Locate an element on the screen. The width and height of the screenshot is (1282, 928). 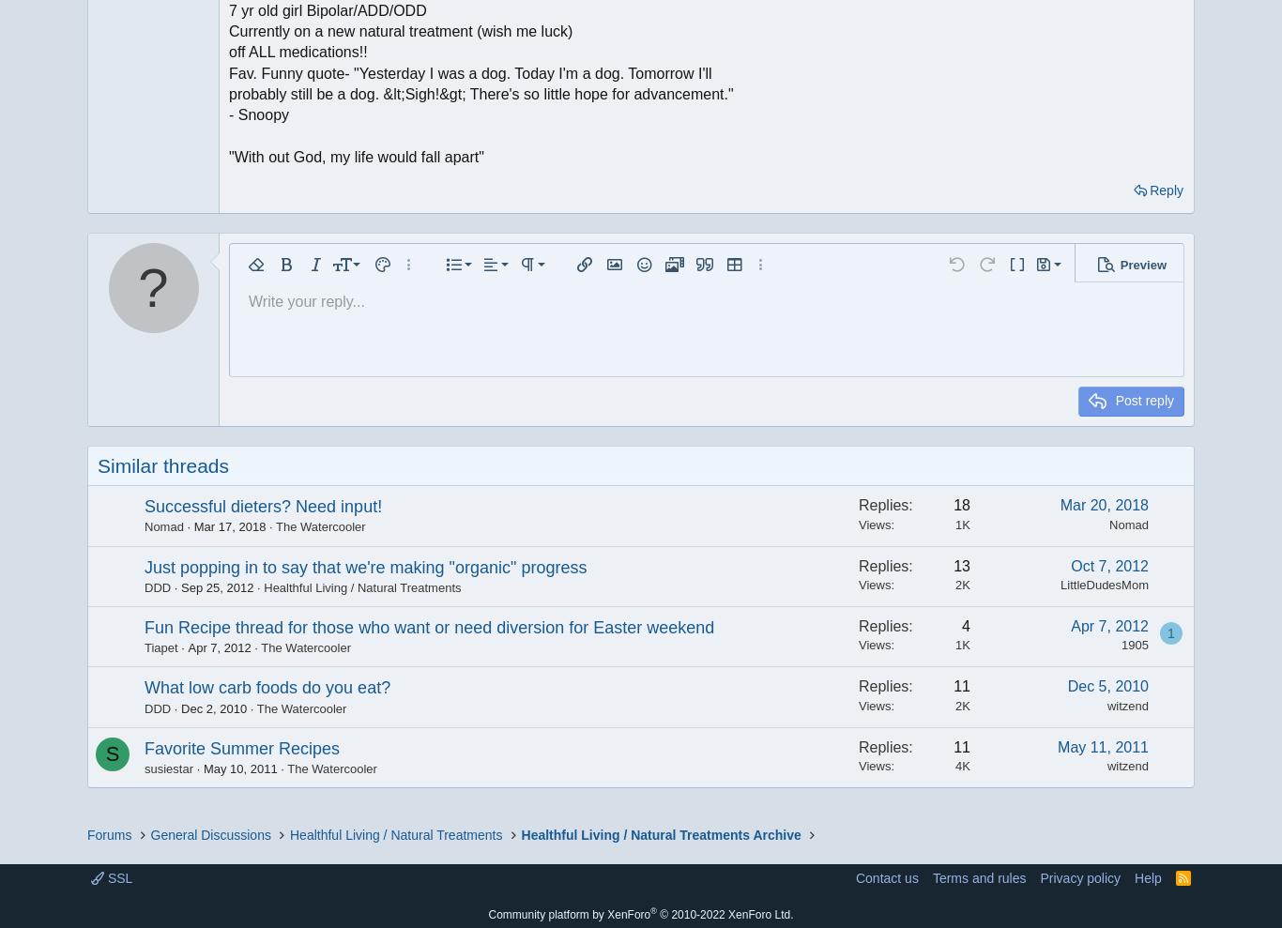
'May 11, 2011' is located at coordinates (1103, 745).